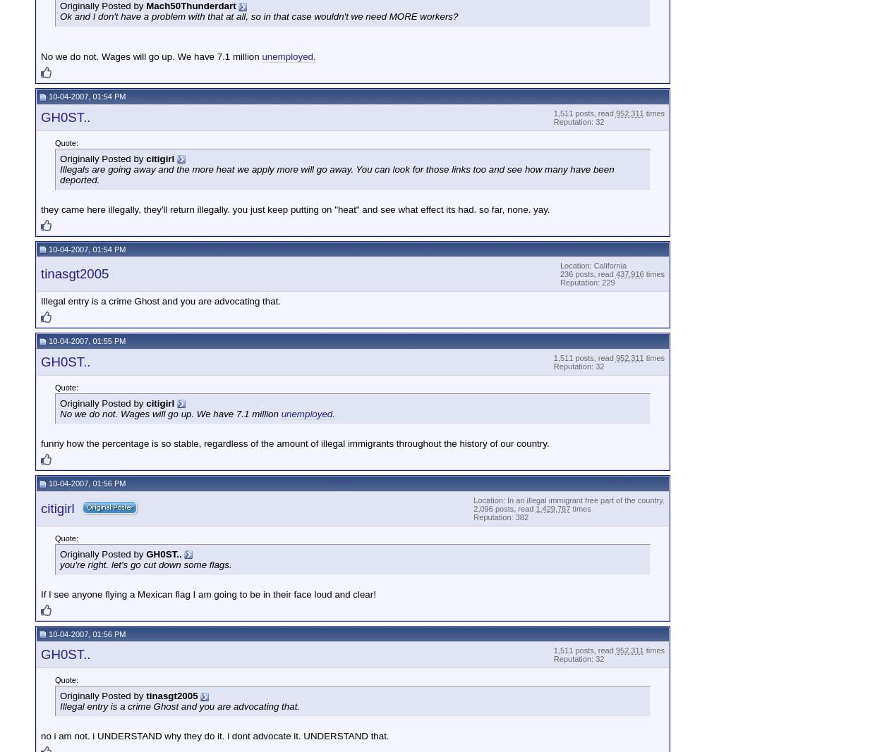  What do you see at coordinates (552, 507) in the screenshot?
I see `'1,429,767'` at bounding box center [552, 507].